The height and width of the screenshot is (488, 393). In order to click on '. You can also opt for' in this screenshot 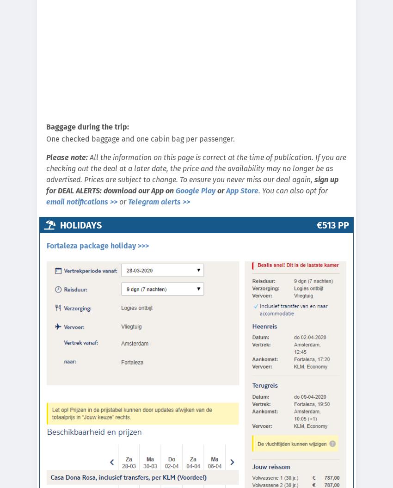, I will do `click(293, 190)`.